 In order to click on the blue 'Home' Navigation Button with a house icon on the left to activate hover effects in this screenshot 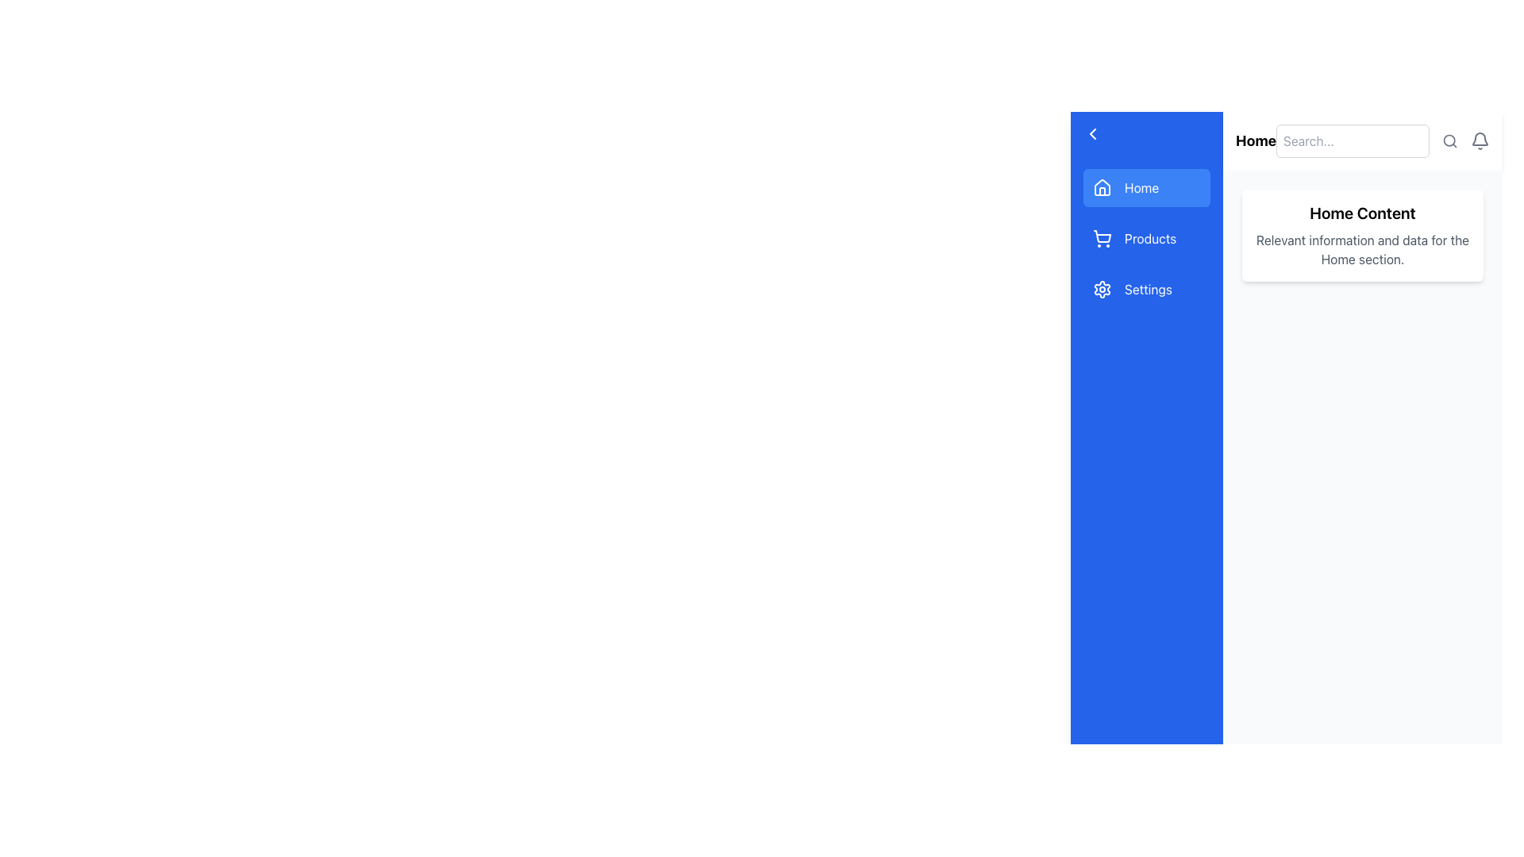, I will do `click(1146, 186)`.